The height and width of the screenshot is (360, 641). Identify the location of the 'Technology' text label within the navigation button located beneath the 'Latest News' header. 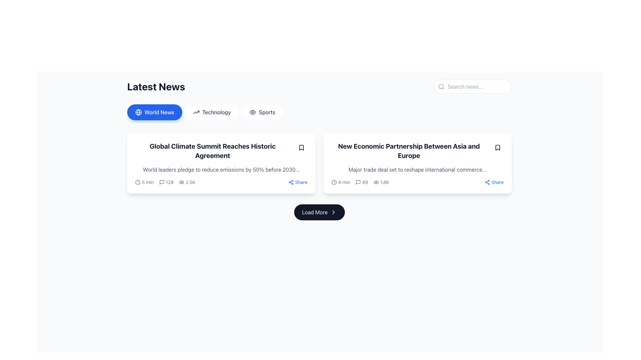
(216, 112).